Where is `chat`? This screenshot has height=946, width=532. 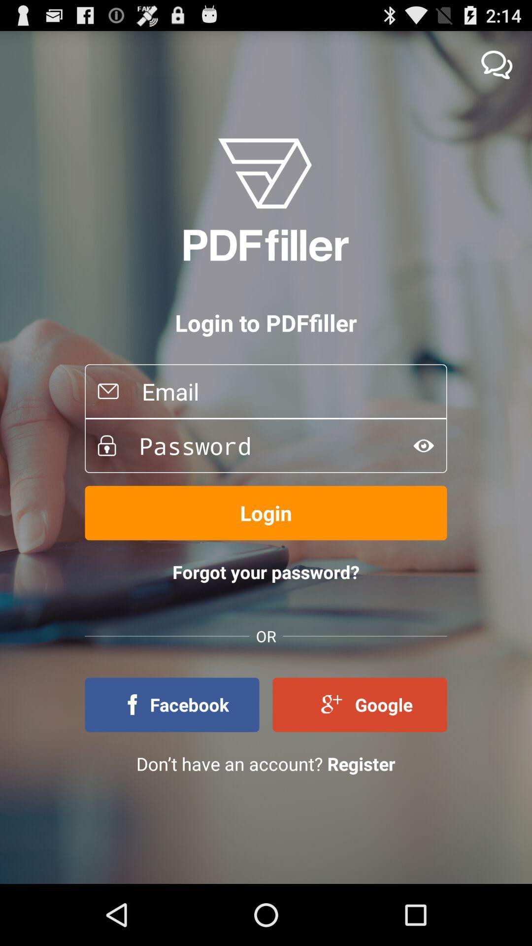 chat is located at coordinates (497, 64).